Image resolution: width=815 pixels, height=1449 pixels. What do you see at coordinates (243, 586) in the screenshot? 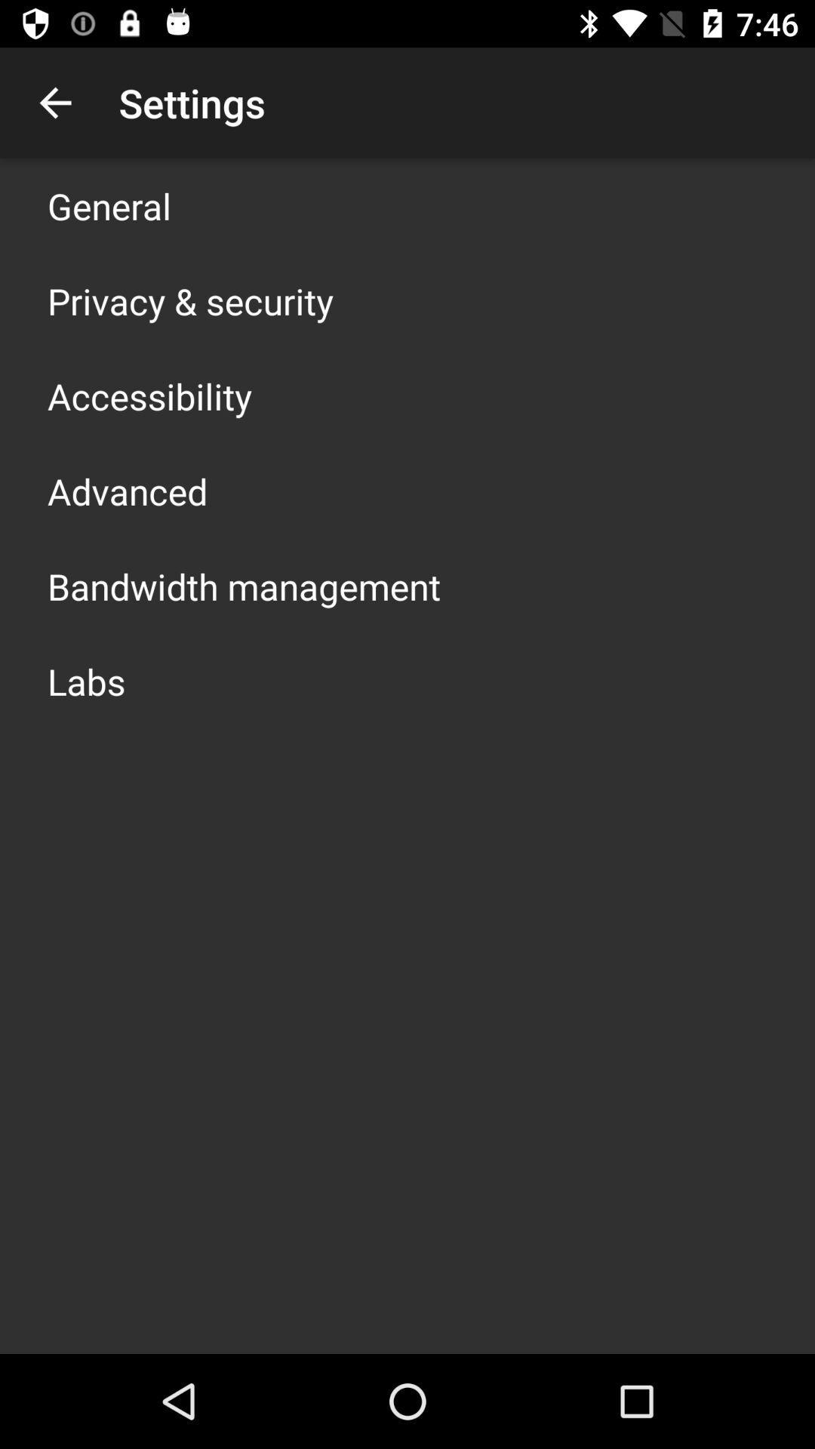
I see `the icon below advanced app` at bounding box center [243, 586].